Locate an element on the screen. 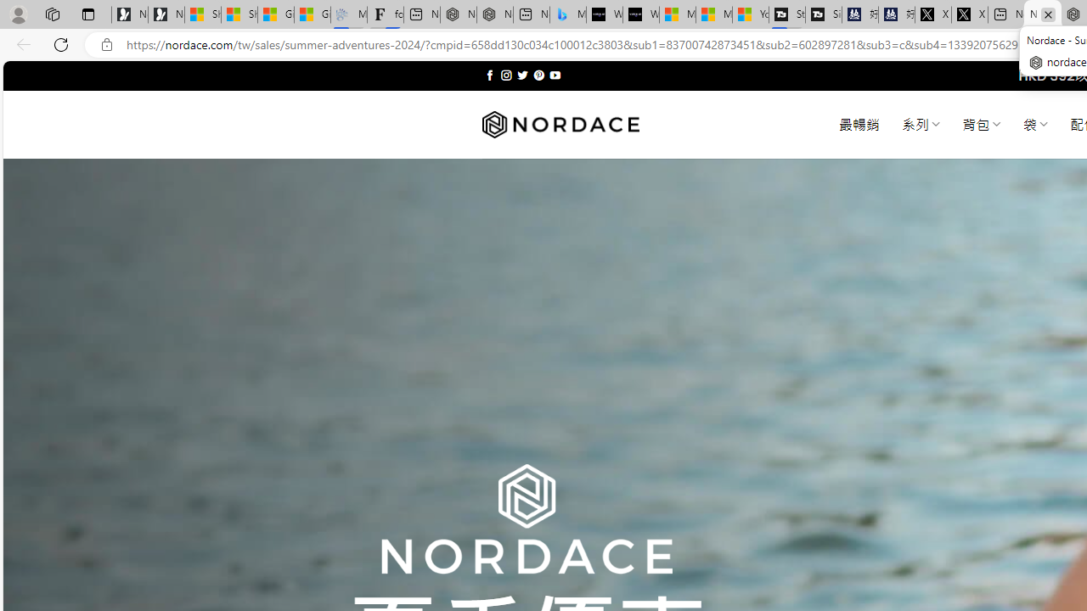 The image size is (1087, 611). 'Follow on YouTube' is located at coordinates (555, 75).